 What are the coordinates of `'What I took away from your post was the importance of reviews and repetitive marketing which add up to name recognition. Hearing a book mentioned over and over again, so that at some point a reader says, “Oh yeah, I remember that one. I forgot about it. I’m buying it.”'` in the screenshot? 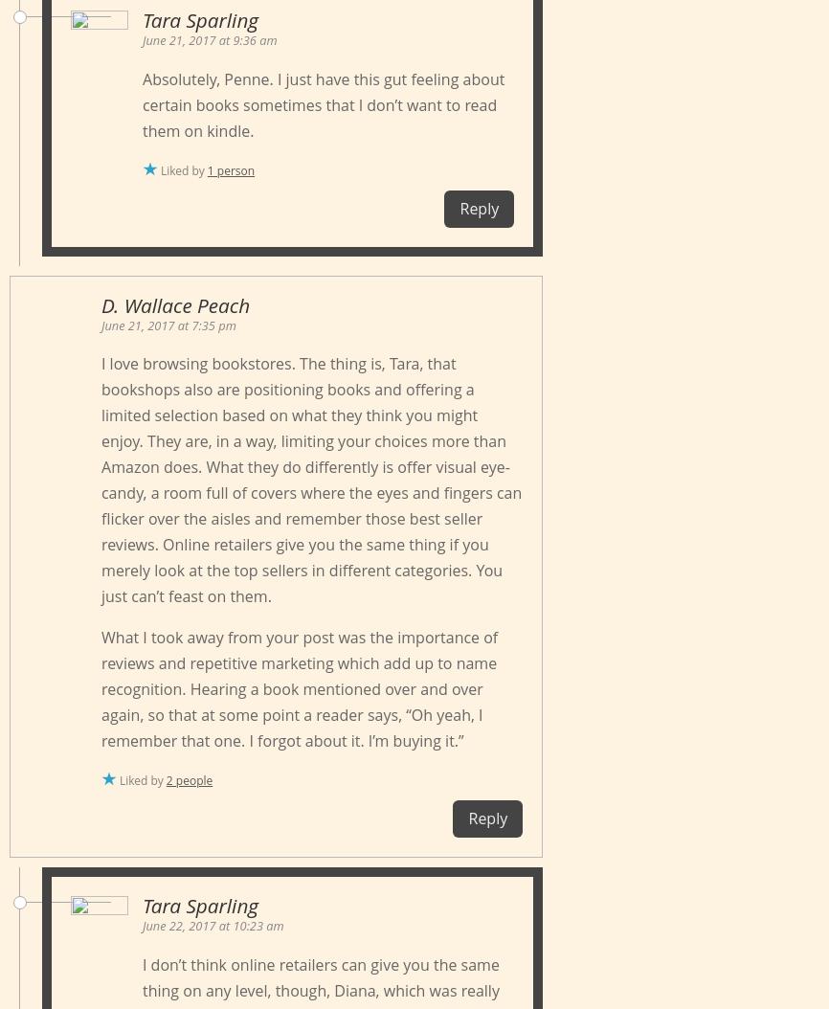 It's located at (101, 687).